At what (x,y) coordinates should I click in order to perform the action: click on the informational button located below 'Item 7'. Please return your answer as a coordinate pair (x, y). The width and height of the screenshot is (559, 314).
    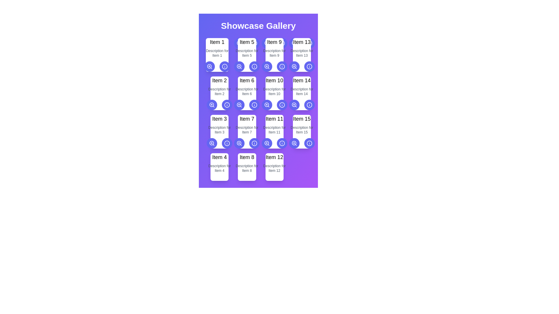
    Looking at the image, I should click on (254, 143).